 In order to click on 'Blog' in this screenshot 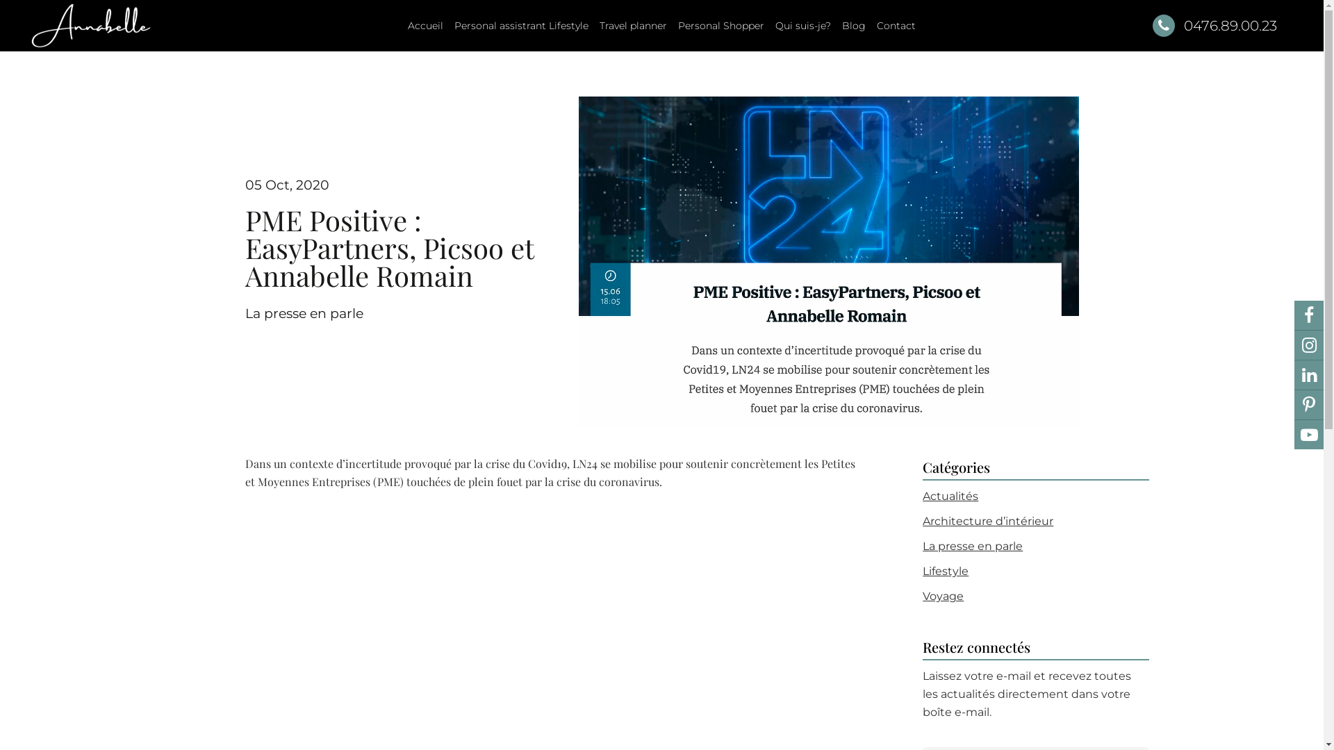, I will do `click(853, 26)`.